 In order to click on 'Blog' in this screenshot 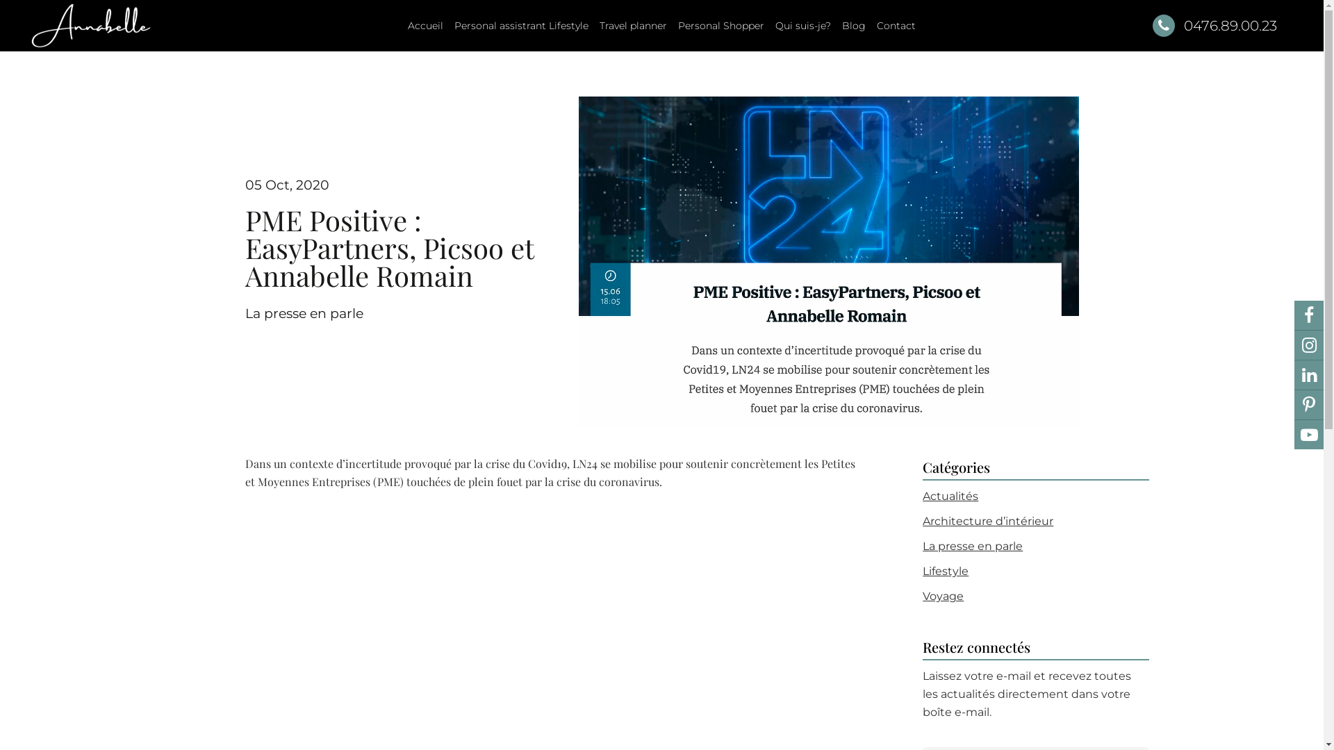, I will do `click(853, 26)`.